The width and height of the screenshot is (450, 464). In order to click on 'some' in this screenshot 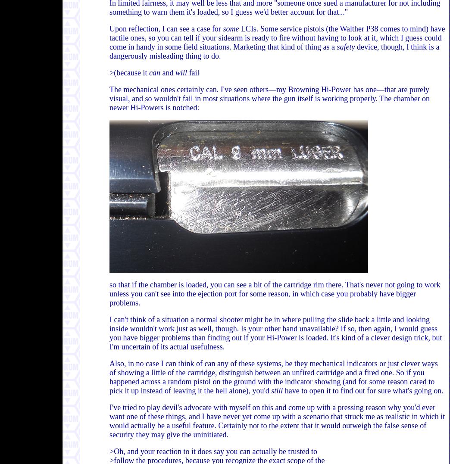, I will do `click(230, 28)`.